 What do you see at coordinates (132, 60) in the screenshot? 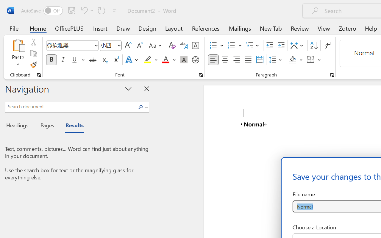
I see `'Text Effects and Typography'` at bounding box center [132, 60].